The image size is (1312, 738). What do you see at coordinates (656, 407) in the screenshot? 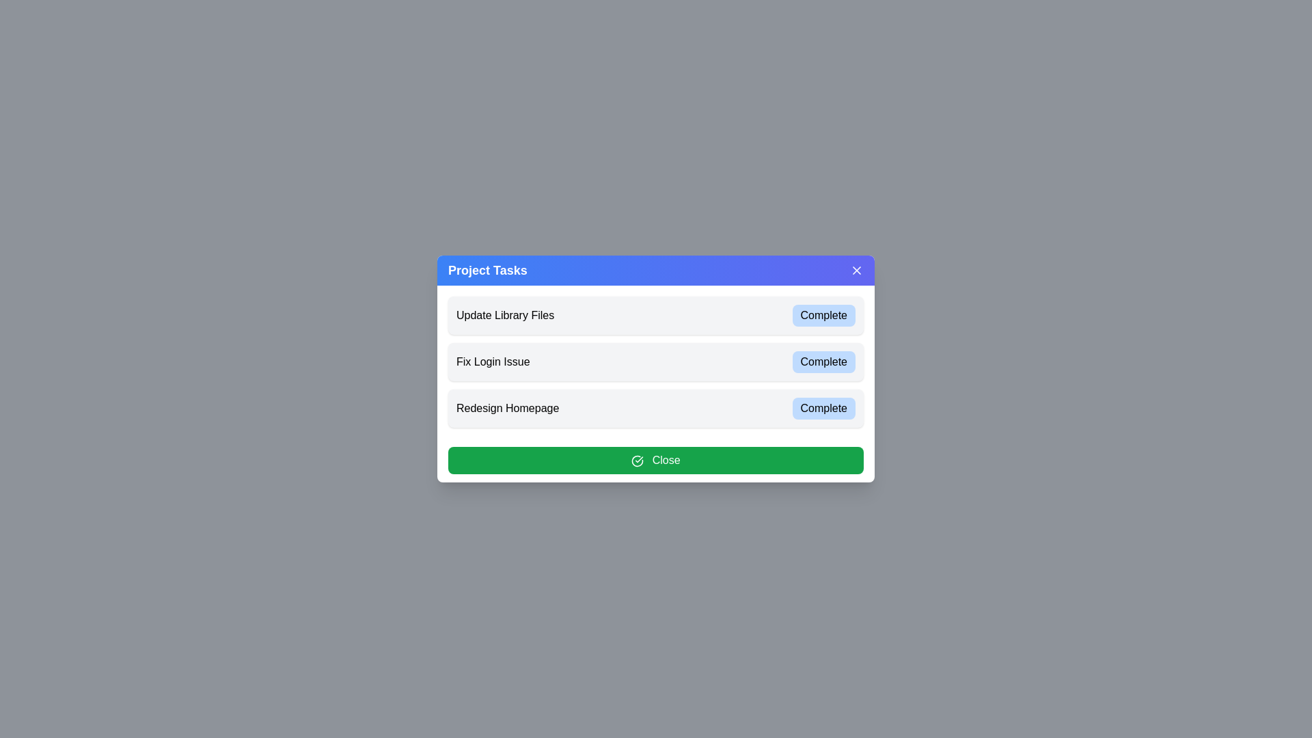
I see `the 'Complete' button of the task item labeled 'Redesign Homepage' in the 'Project Tasks' modal` at bounding box center [656, 407].